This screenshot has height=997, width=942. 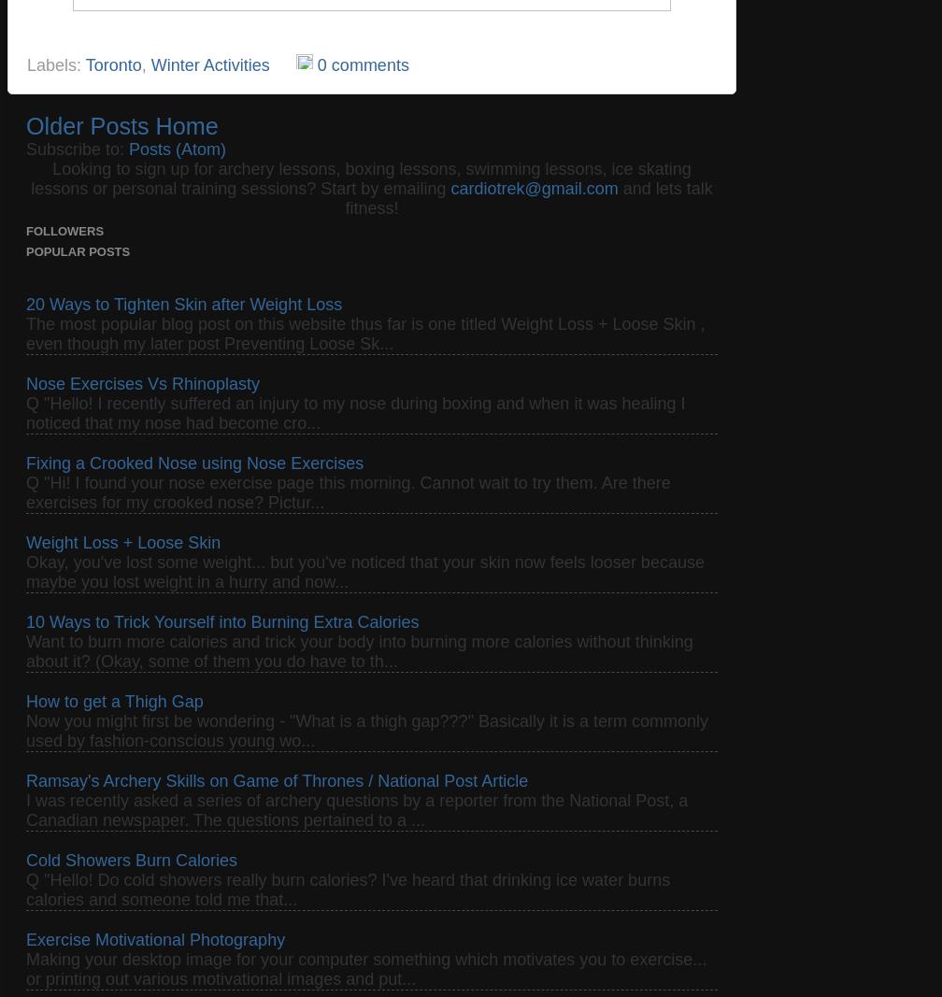 I want to click on 'Q   "Hello! Do cold showers really burn calories? I've heard that drinking ice water burns calories and someone told me that...', so click(x=348, y=889).